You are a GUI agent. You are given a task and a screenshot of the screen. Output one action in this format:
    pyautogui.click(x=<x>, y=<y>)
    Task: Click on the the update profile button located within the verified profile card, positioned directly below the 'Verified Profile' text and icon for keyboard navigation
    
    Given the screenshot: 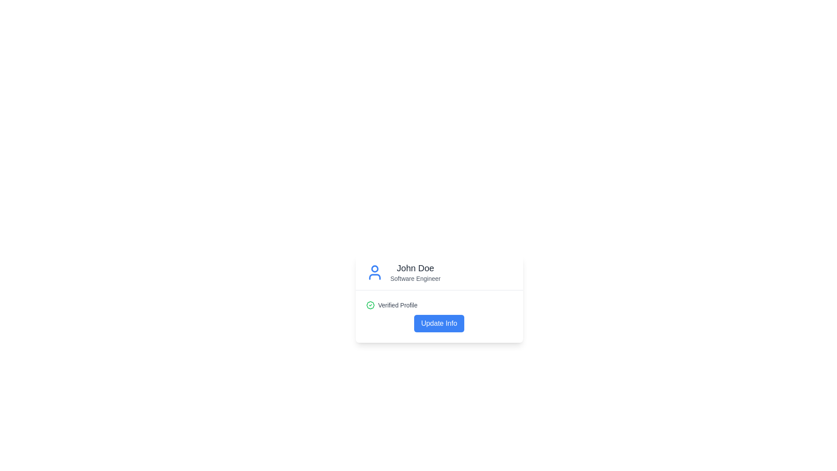 What is the action you would take?
    pyautogui.click(x=439, y=323)
    